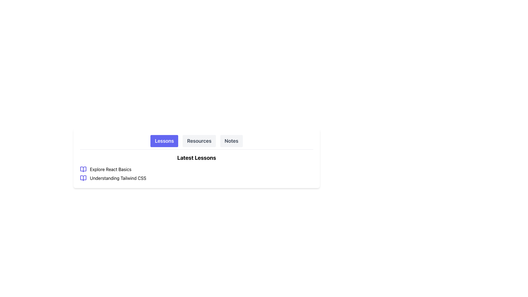  I want to click on the decorative icon representing a book or learning resource located below the 'Latest Lessons' section, immediately to the left of the 'Understanding Tailwind CSS' text, so click(83, 178).